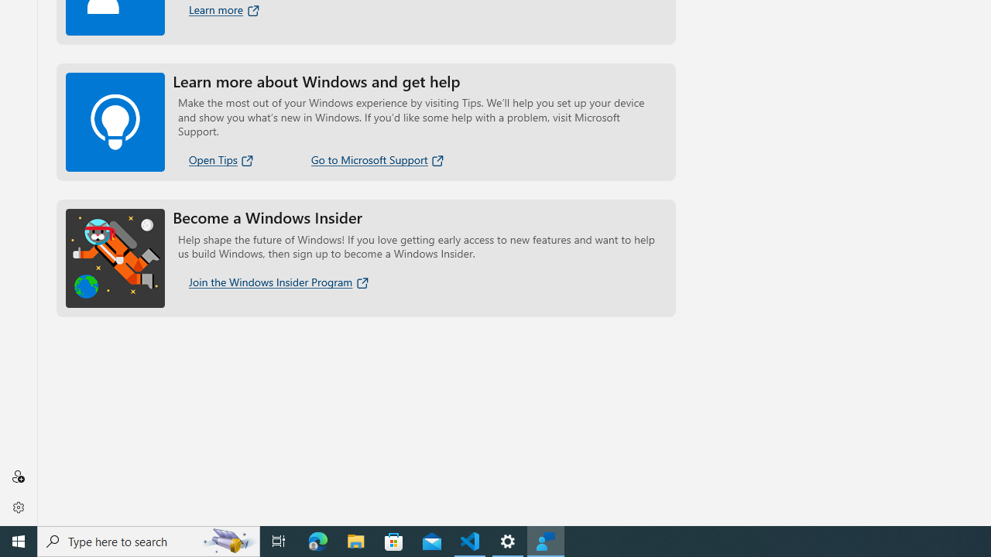 The image size is (991, 557). Describe the element at coordinates (378, 159) in the screenshot. I see `'Go to Microsoft Support'` at that location.